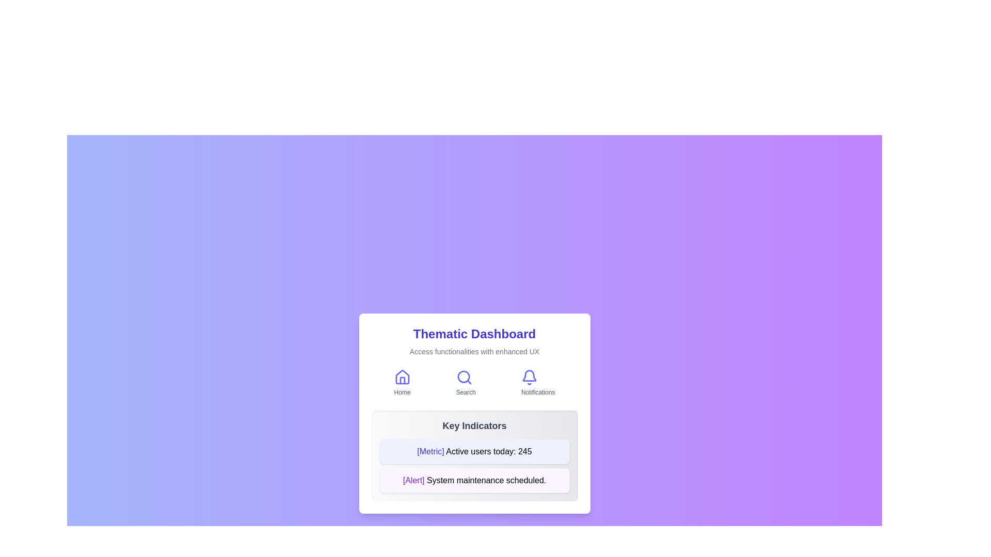 The height and width of the screenshot is (557, 991). I want to click on the indigo bell icon located above the 'Notifications' text in the notifications section of the interface, so click(530, 378).